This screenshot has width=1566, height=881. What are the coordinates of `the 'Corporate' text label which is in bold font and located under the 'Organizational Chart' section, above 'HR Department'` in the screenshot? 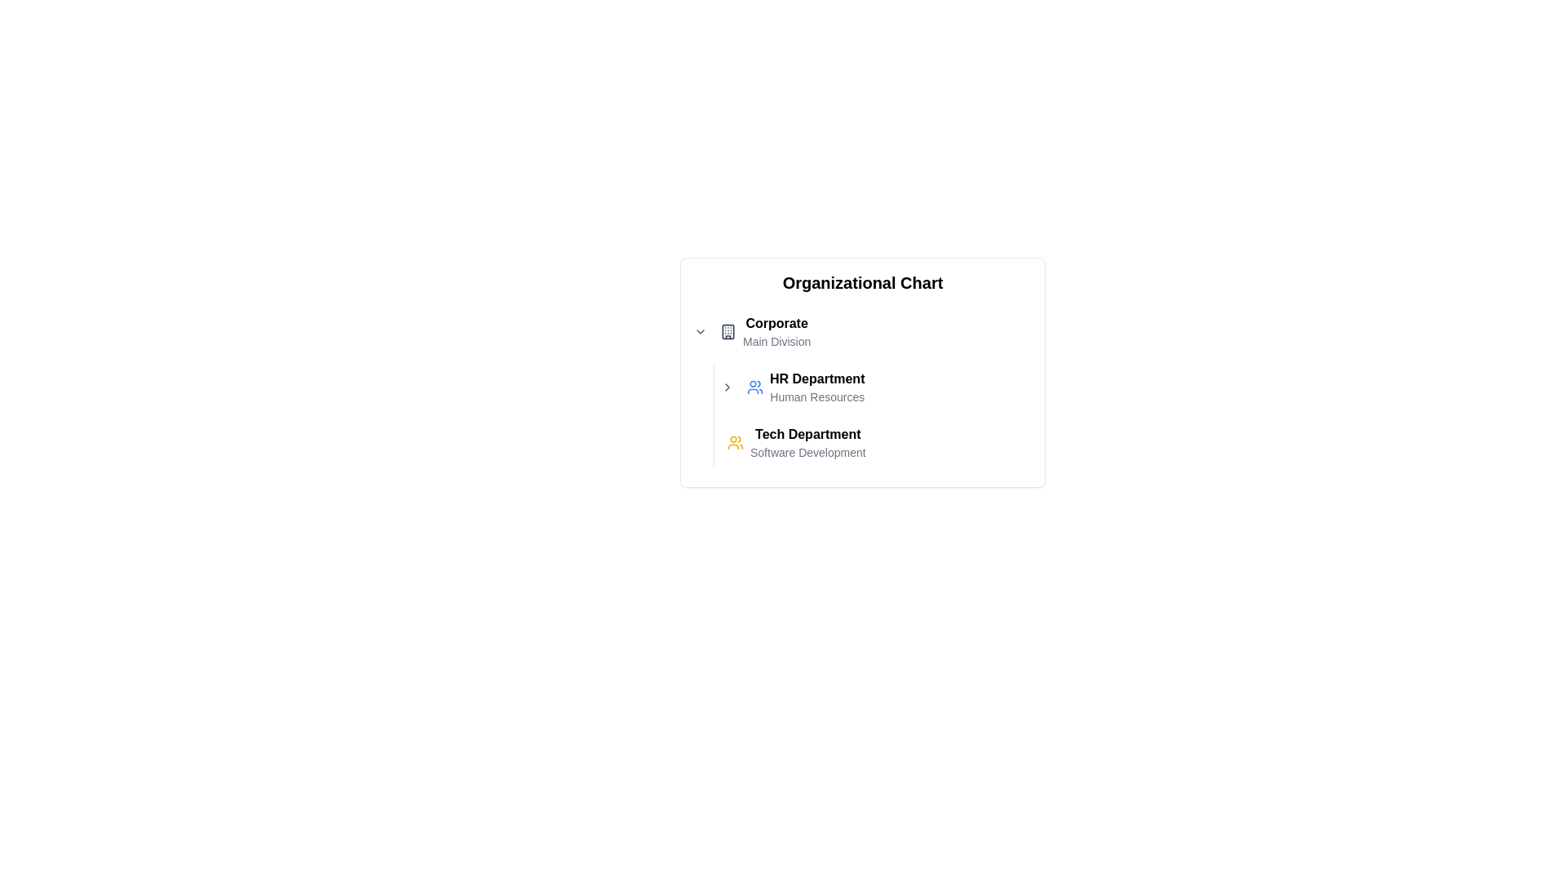 It's located at (776, 331).